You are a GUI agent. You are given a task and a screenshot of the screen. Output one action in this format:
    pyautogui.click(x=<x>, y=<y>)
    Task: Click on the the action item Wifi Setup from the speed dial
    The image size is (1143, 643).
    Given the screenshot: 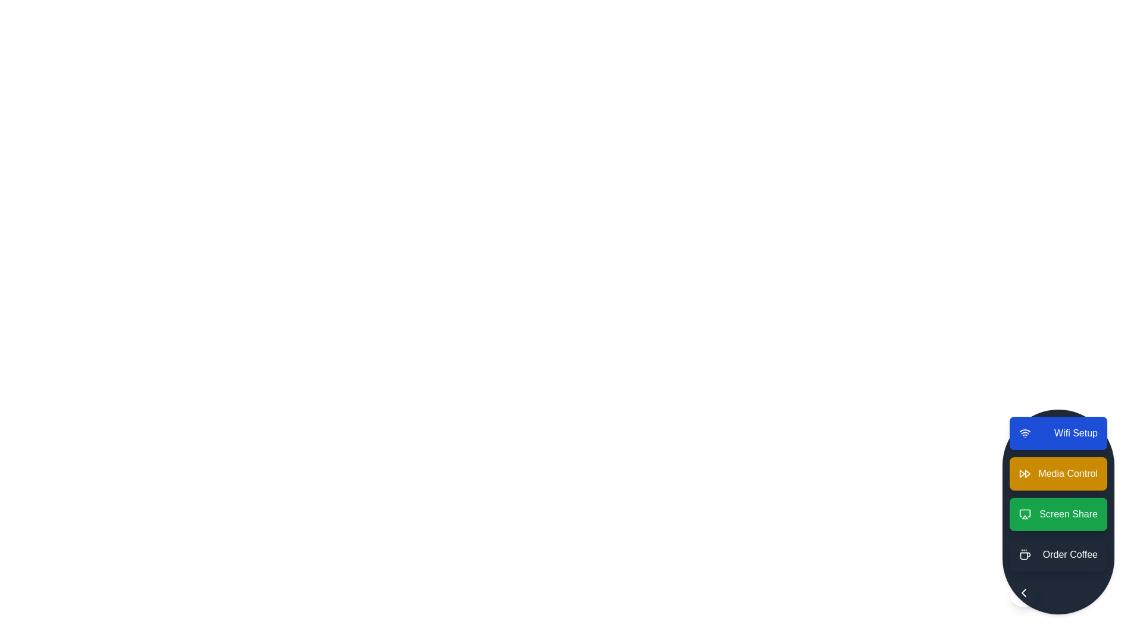 What is the action you would take?
    pyautogui.click(x=1058, y=433)
    